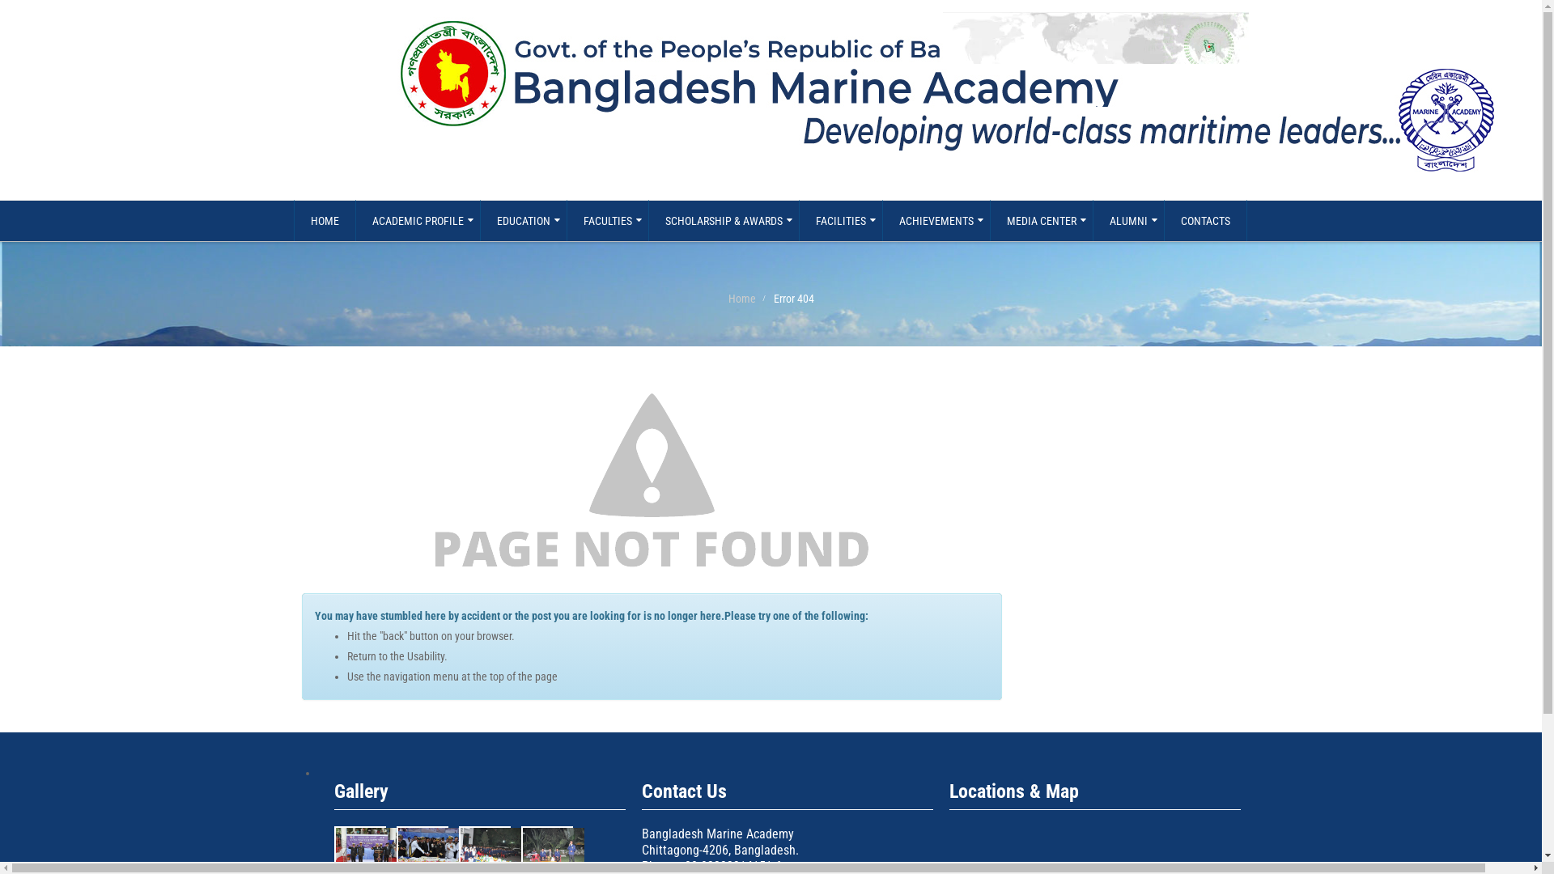  Describe the element at coordinates (1127, 221) in the screenshot. I see `'ALUMNI'` at that location.